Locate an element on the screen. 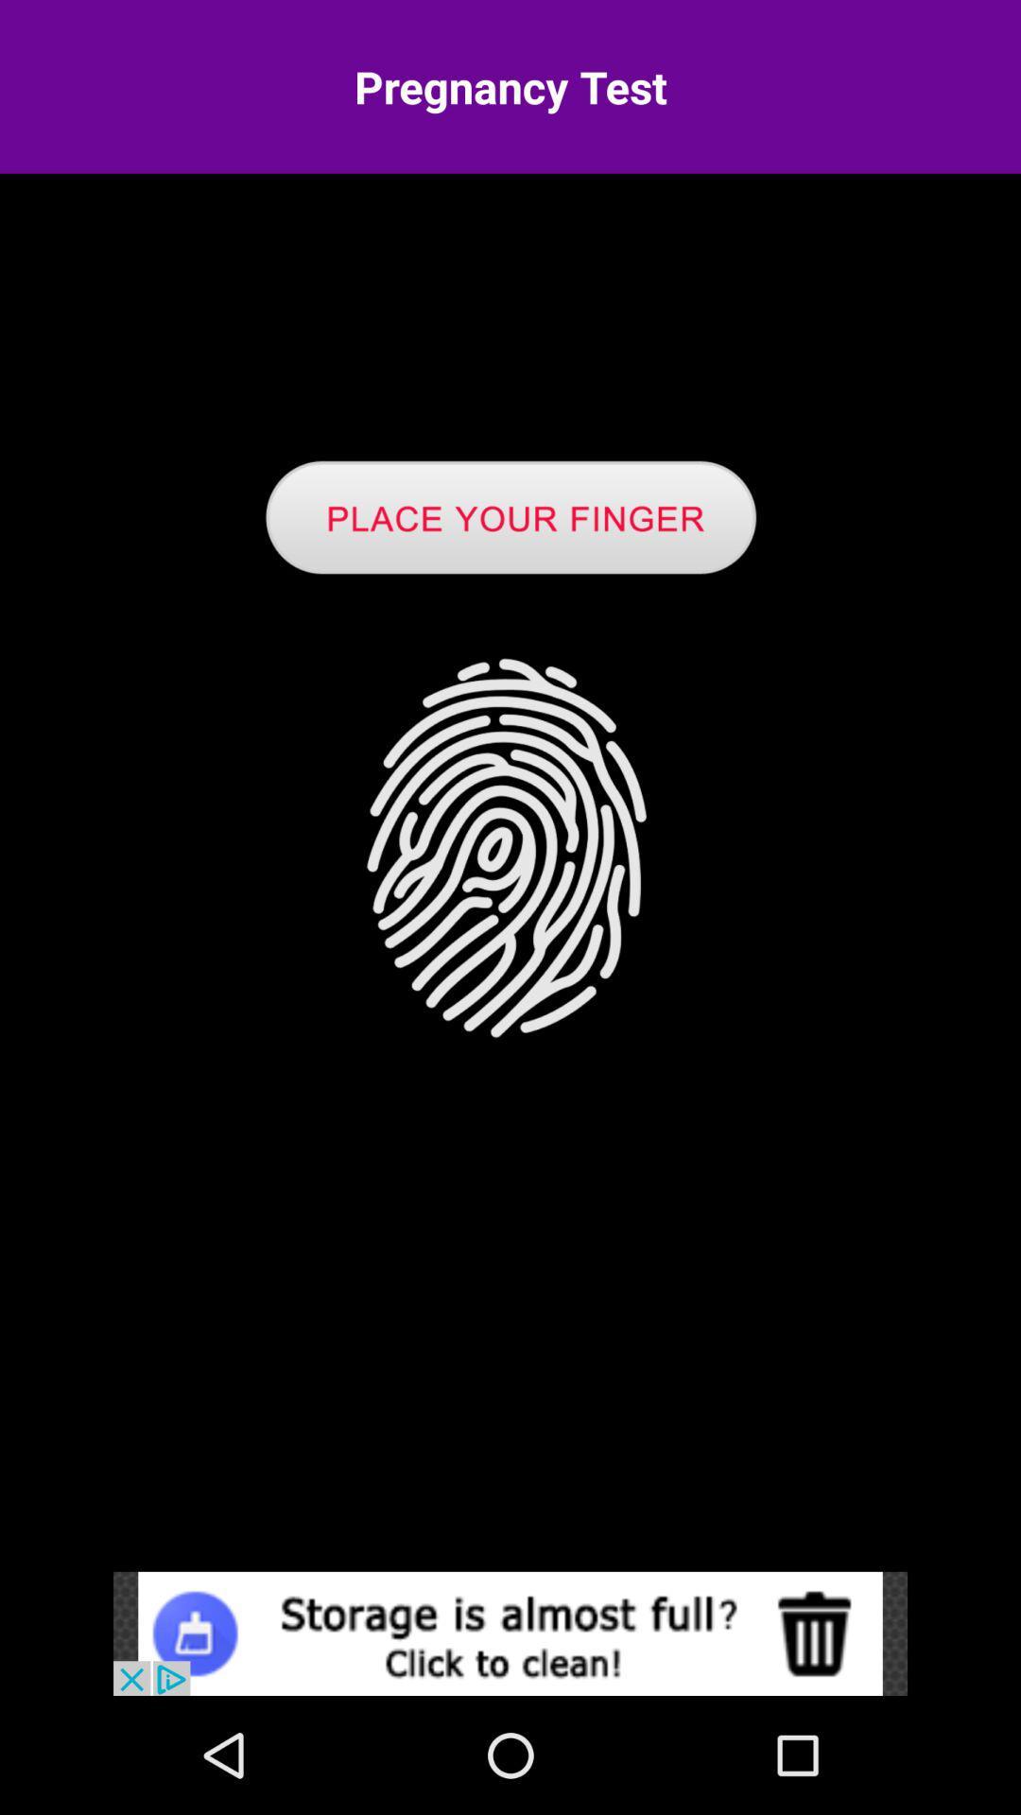 The image size is (1021, 1815). see advertisement is located at coordinates (510, 1633).